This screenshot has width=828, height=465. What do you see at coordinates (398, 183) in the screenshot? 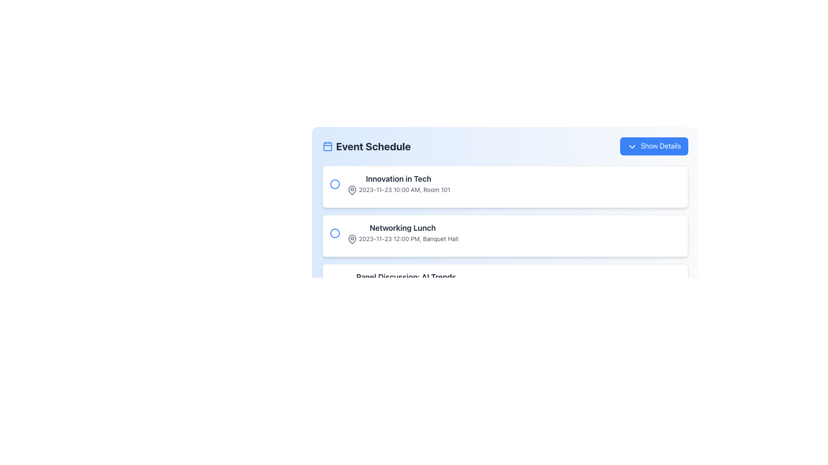
I see `the first event text block that contains an embedded icon, which provides details such as title, date, time, and location` at bounding box center [398, 183].